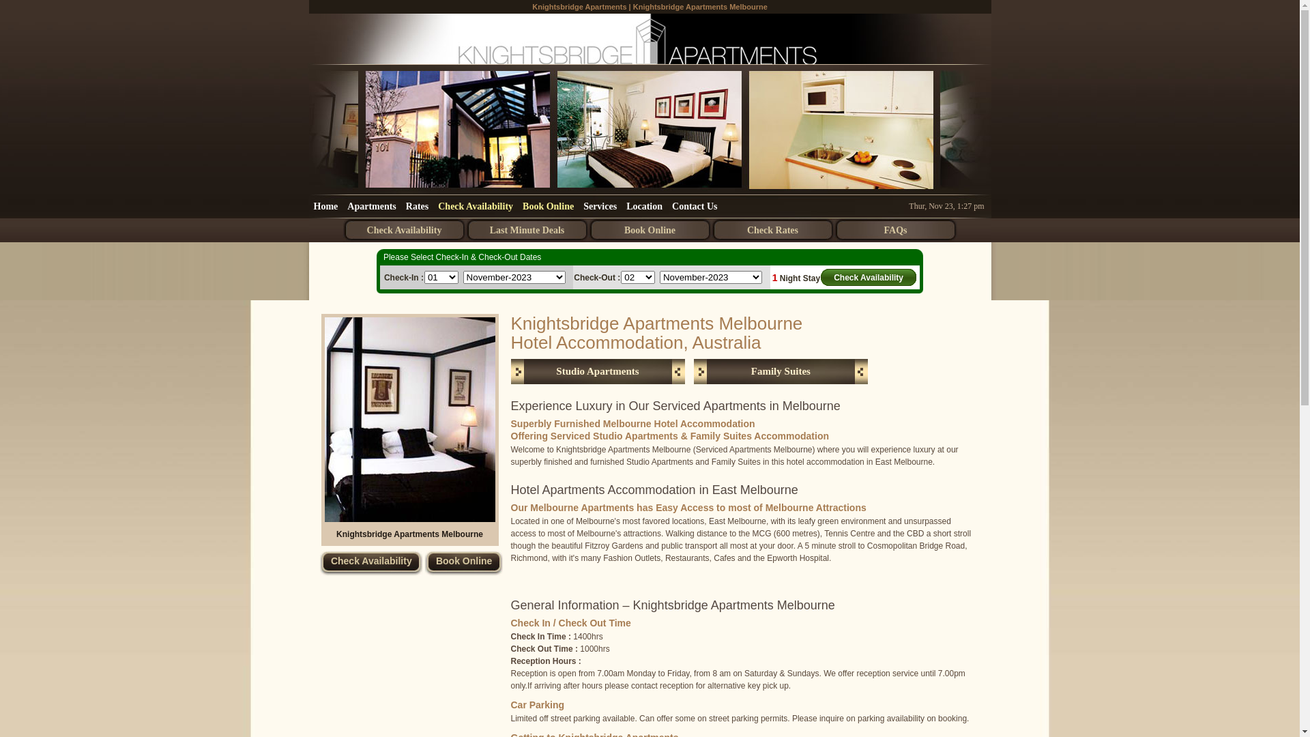 The image size is (1310, 737). What do you see at coordinates (667, 206) in the screenshot?
I see `'Contact Us'` at bounding box center [667, 206].